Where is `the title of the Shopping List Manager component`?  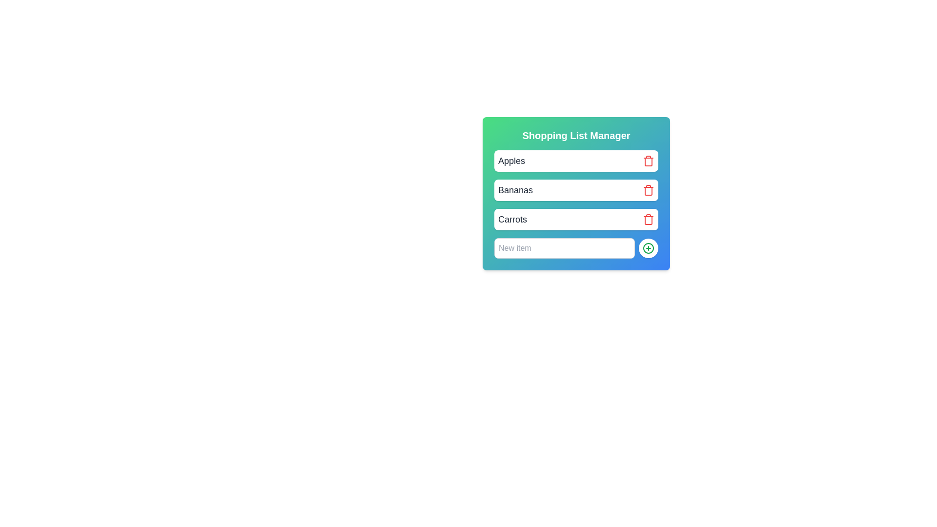
the title of the Shopping List Manager component is located at coordinates (576, 135).